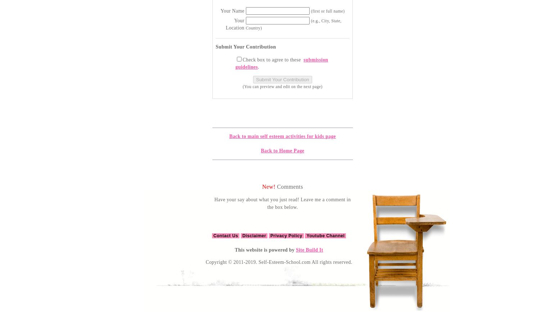 Image resolution: width=558 pixels, height=312 pixels. What do you see at coordinates (325, 235) in the screenshot?
I see `'Youtube Channel'` at bounding box center [325, 235].